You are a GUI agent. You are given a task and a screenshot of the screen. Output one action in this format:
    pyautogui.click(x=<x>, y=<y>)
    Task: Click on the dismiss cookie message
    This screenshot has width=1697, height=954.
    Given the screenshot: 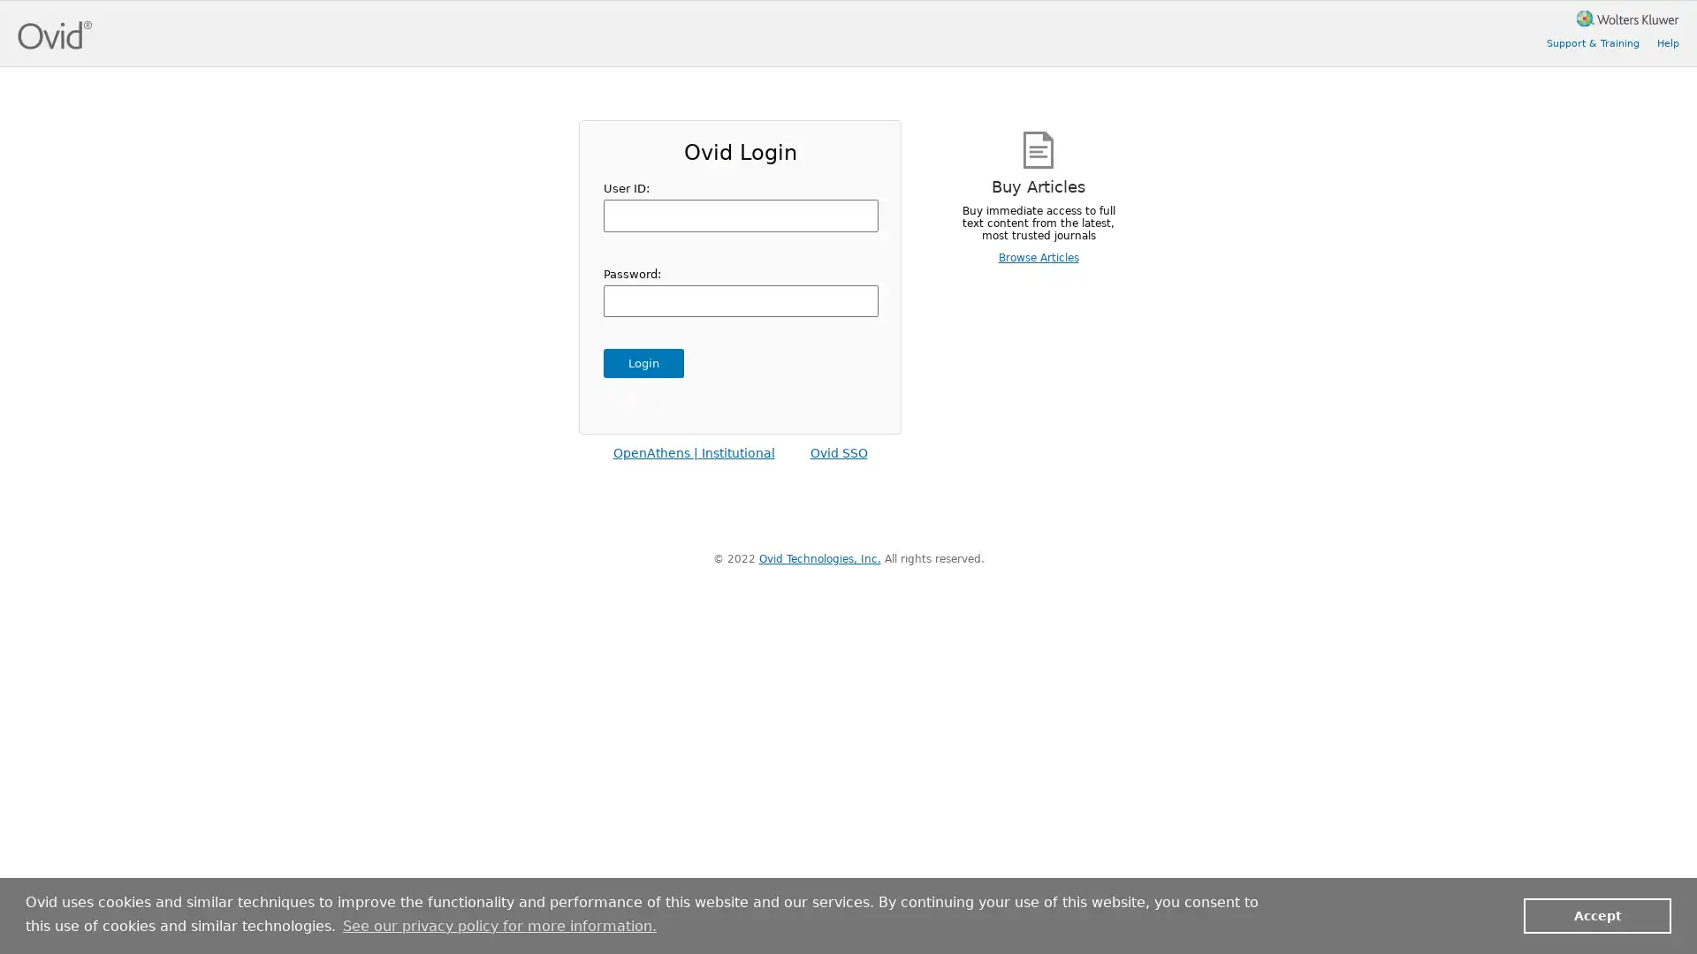 What is the action you would take?
    pyautogui.click(x=1597, y=914)
    